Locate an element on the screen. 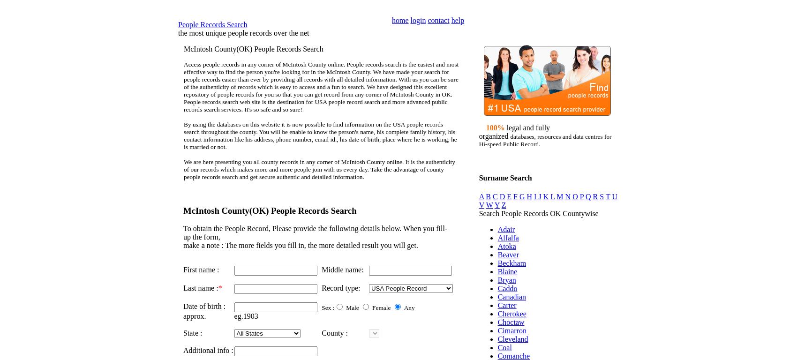  'V' is located at coordinates (481, 204).